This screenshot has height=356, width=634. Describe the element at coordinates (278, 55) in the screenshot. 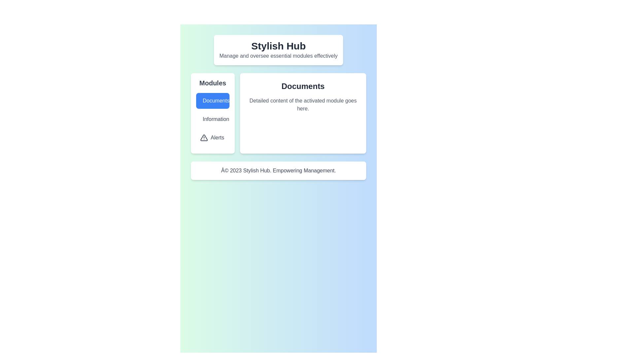

I see `the subtitle text element located below the 'Stylish Hub' heading within the white card to check for any tooltip or visual change` at that location.